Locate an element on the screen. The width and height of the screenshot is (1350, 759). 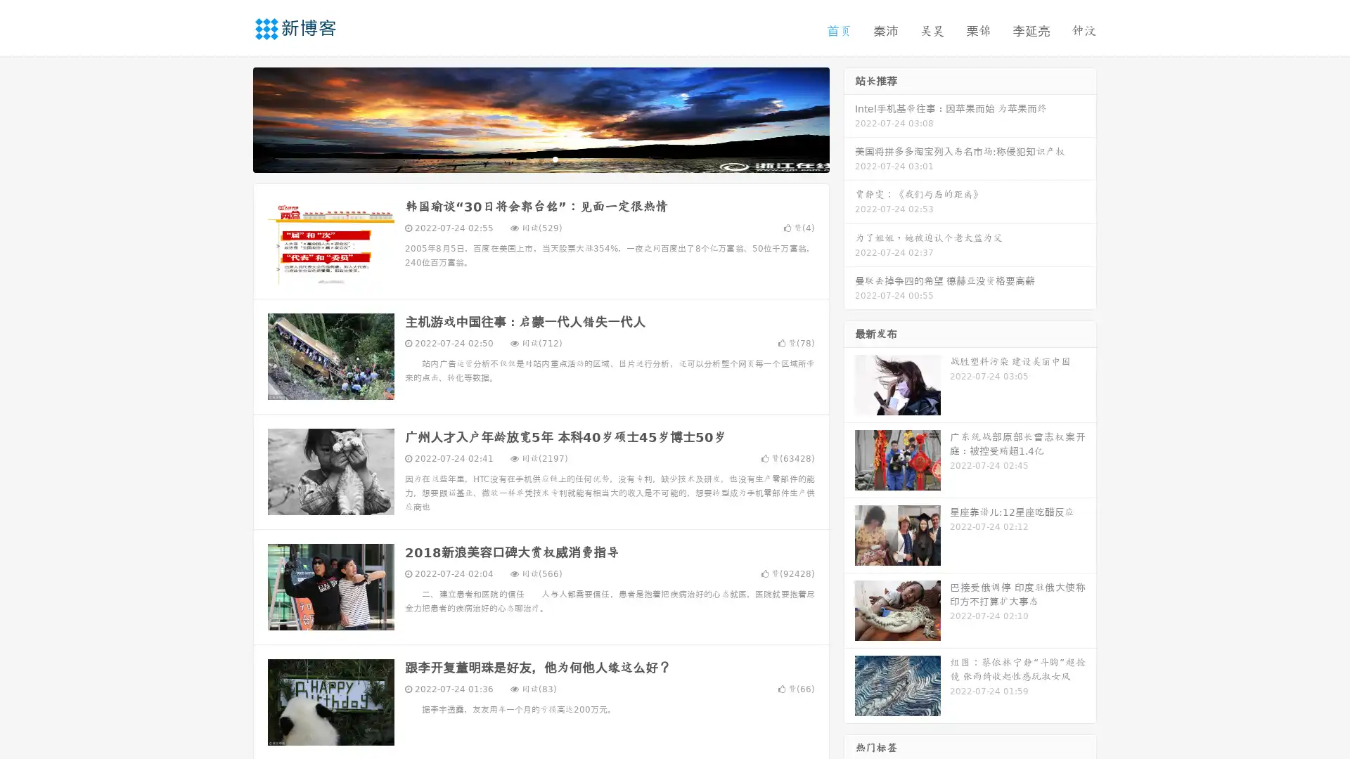
Go to slide 1 is located at coordinates (526, 158).